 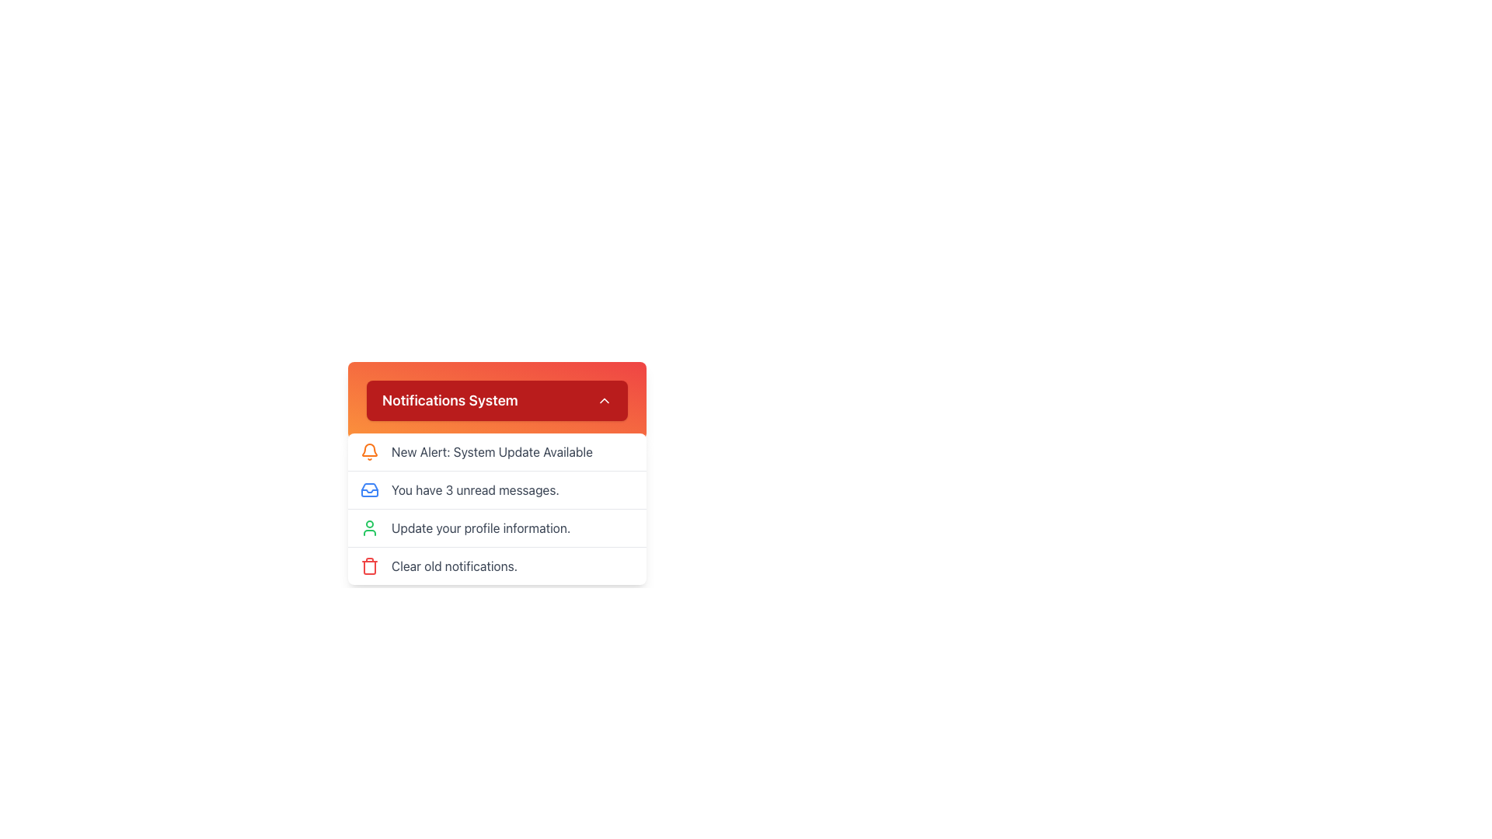 I want to click on the first notification item in the vertical notification dropdown list, which alerts users about a system update, so click(x=496, y=452).